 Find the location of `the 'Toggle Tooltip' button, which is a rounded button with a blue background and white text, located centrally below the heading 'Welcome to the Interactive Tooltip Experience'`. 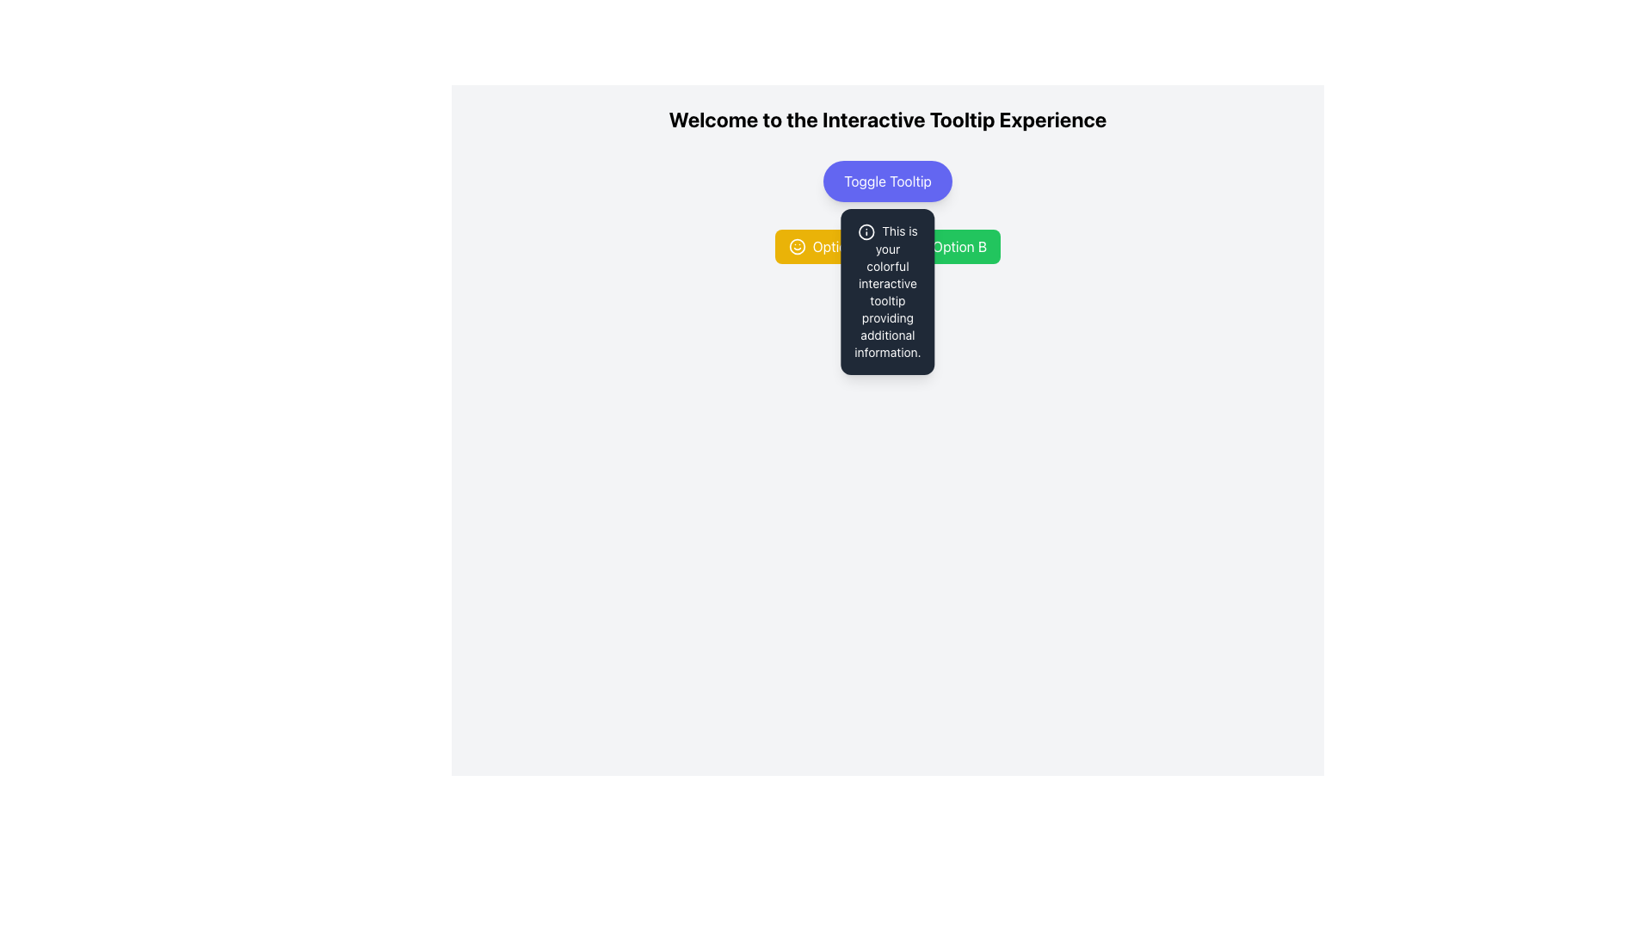

the 'Toggle Tooltip' button, which is a rounded button with a blue background and white text, located centrally below the heading 'Welcome to the Interactive Tooltip Experience' is located at coordinates (888, 181).